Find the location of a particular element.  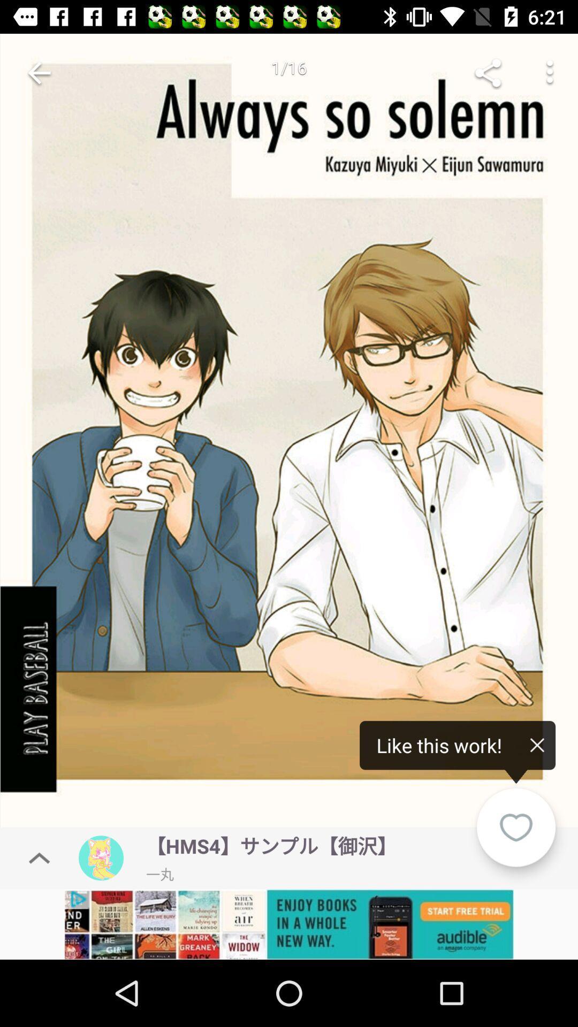

like it is located at coordinates (515, 827).